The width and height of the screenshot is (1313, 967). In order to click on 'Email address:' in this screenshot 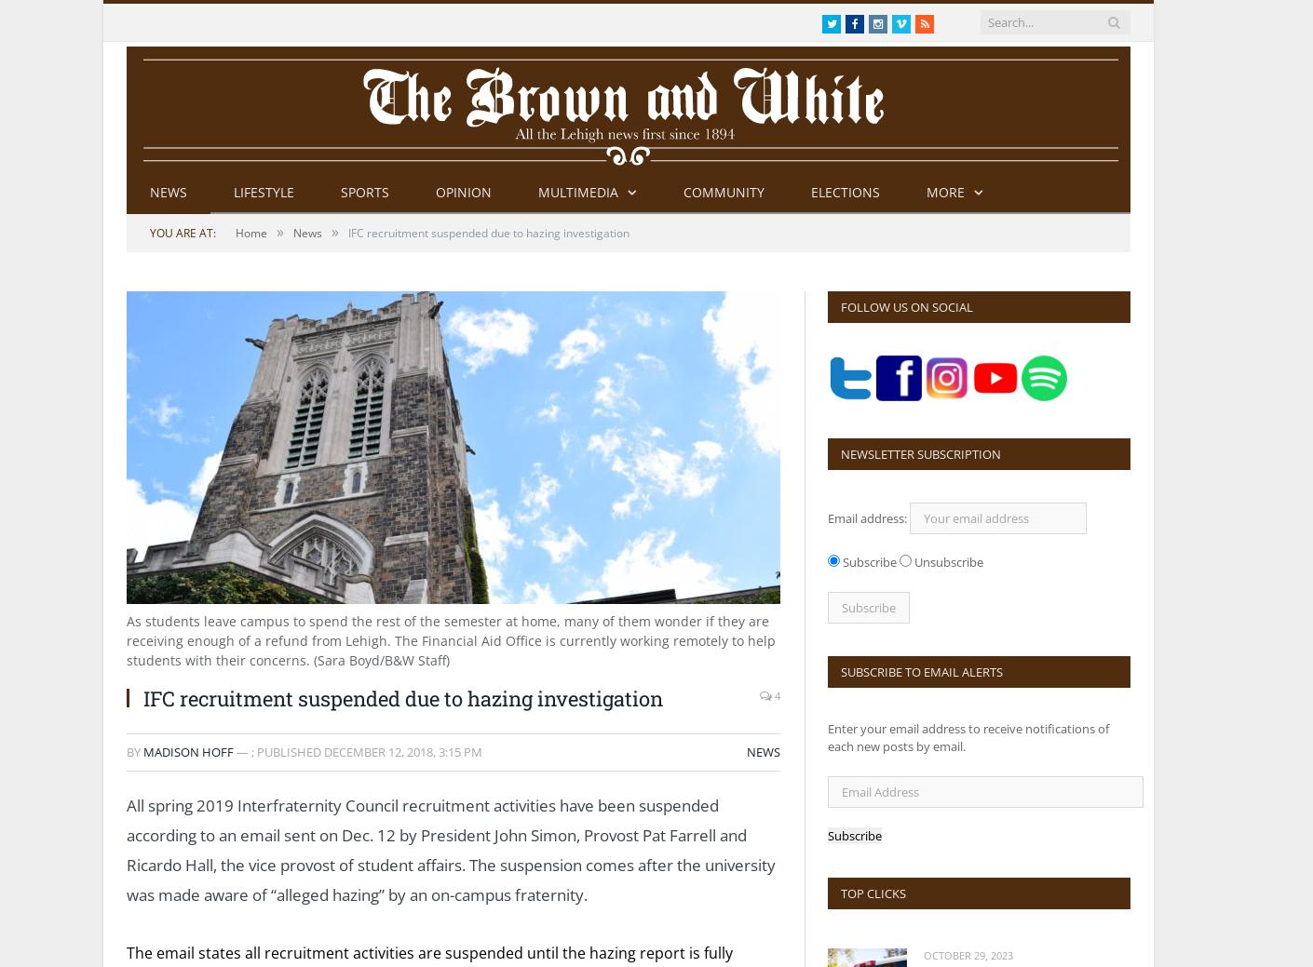, I will do `click(868, 518)`.